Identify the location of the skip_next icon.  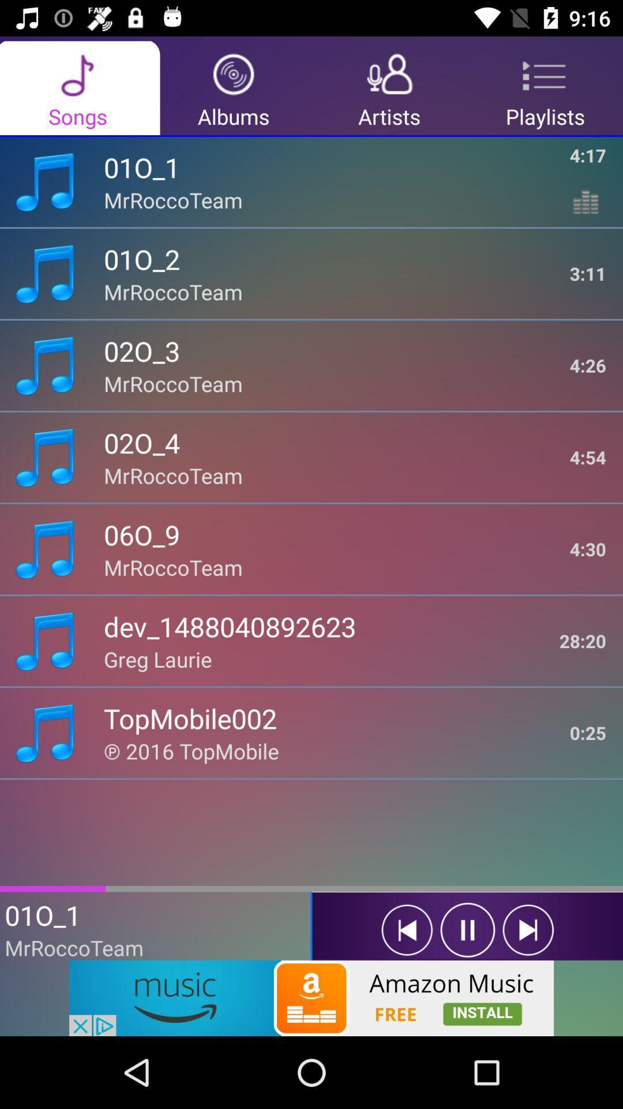
(528, 930).